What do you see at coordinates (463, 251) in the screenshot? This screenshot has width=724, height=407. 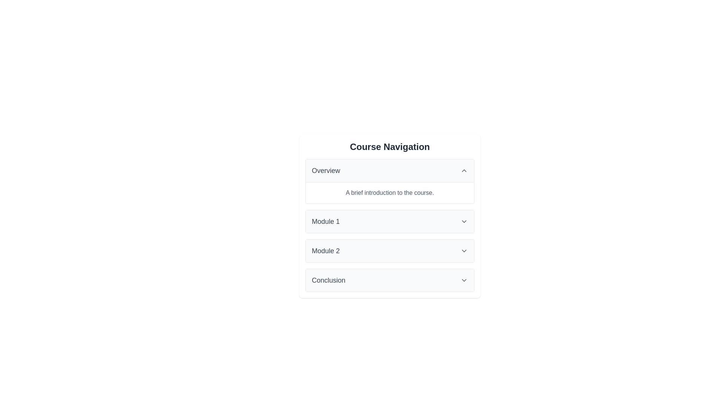 I see `the Chevron icon located on the right side of the 'Module 2' label` at bounding box center [463, 251].